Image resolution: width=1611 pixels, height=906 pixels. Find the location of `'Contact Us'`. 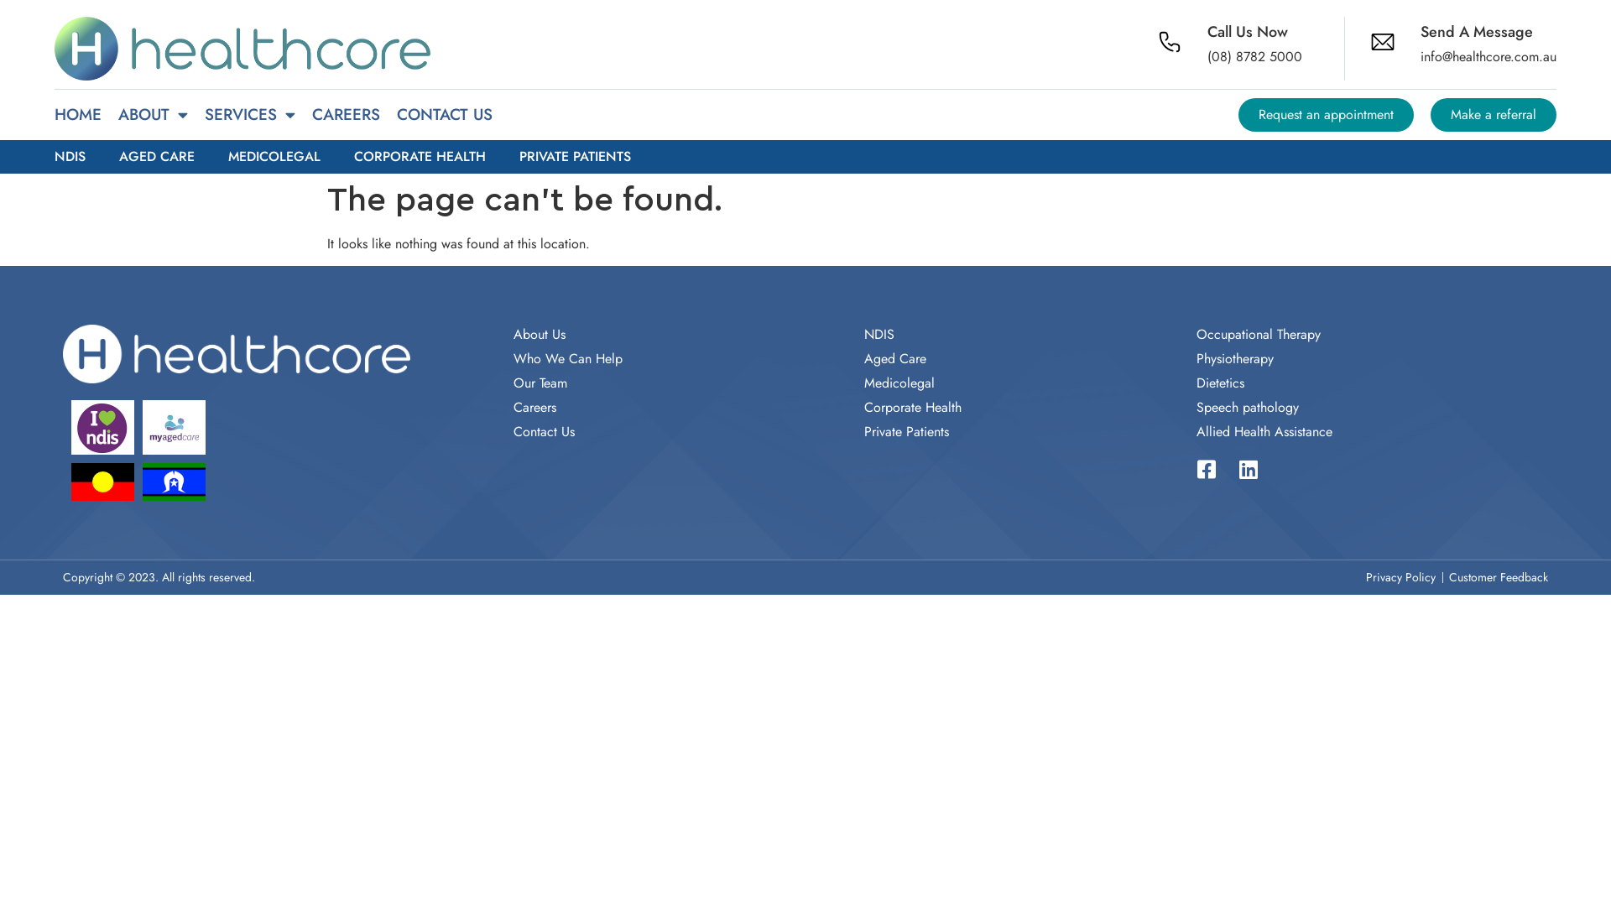

'Contact Us' is located at coordinates (544, 431).